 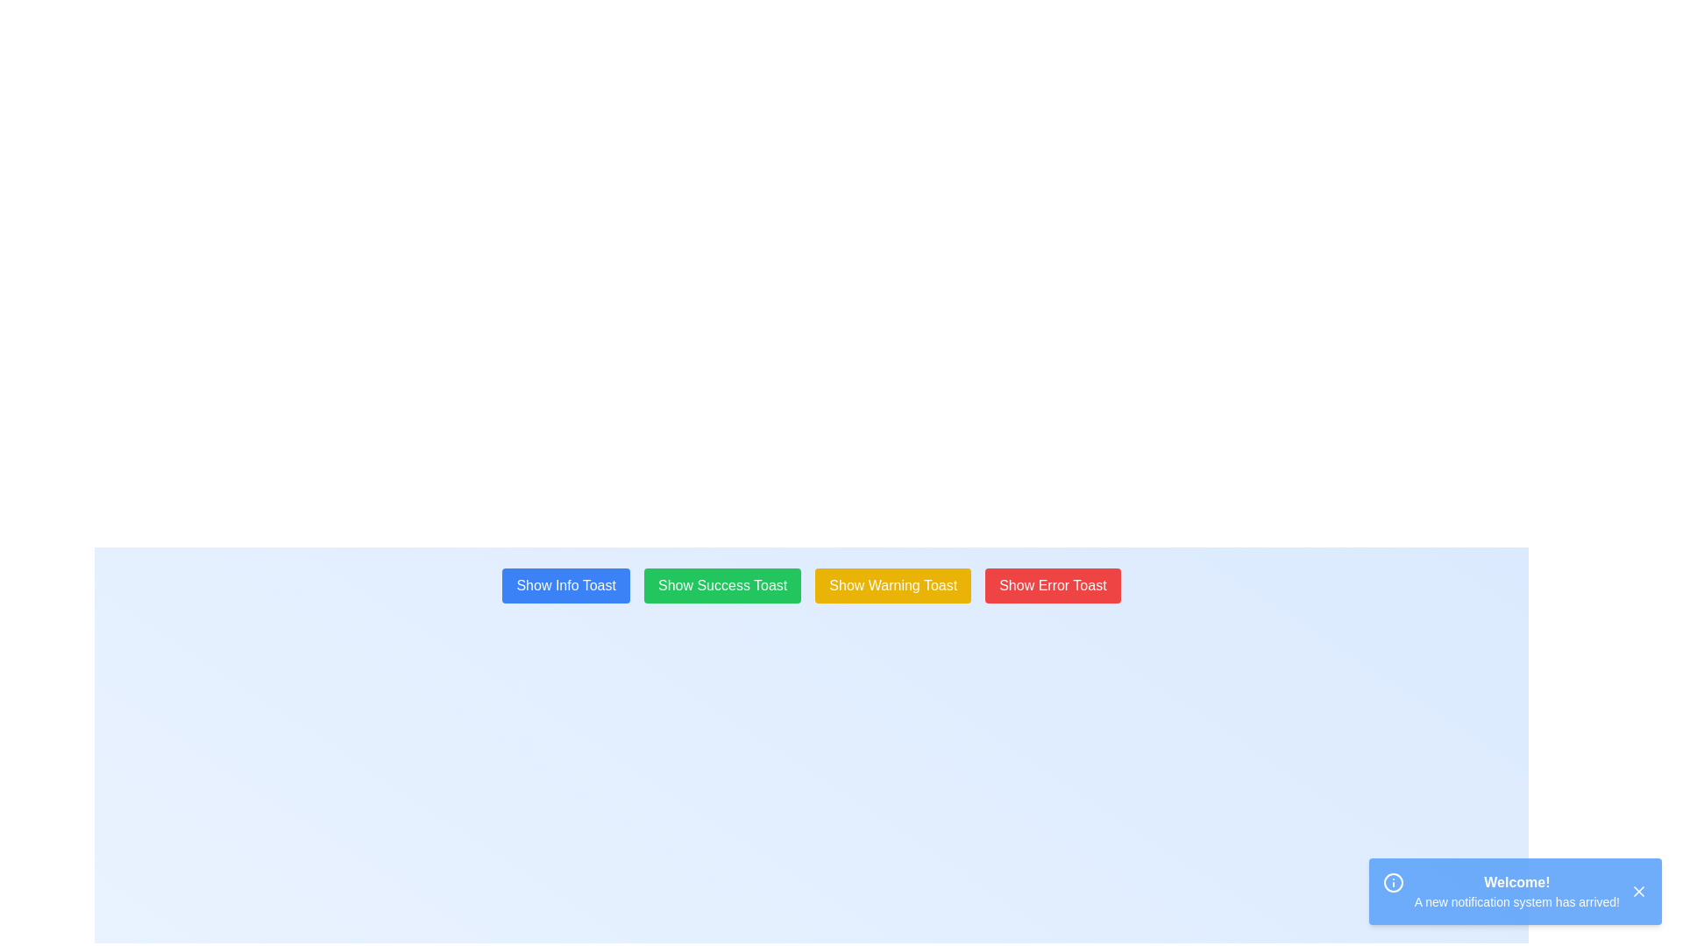 I want to click on the slanted cross (X) mark icon located at the bottom-right corner of the blue toast notification panel, so click(x=1638, y=892).